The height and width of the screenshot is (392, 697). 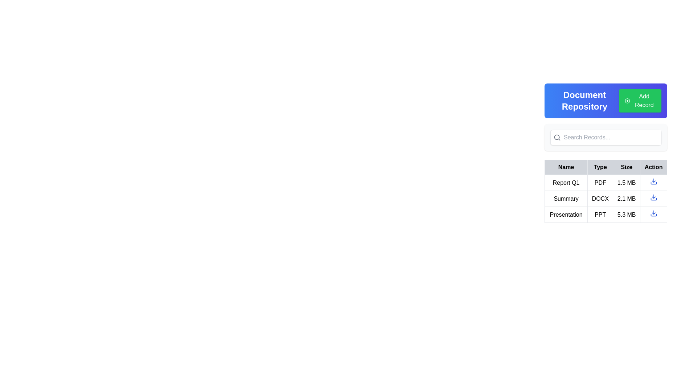 I want to click on the third row in the document repository table that represents the file named 'Presentation' of type 'PPT' and size '5.3 MB', so click(x=606, y=214).